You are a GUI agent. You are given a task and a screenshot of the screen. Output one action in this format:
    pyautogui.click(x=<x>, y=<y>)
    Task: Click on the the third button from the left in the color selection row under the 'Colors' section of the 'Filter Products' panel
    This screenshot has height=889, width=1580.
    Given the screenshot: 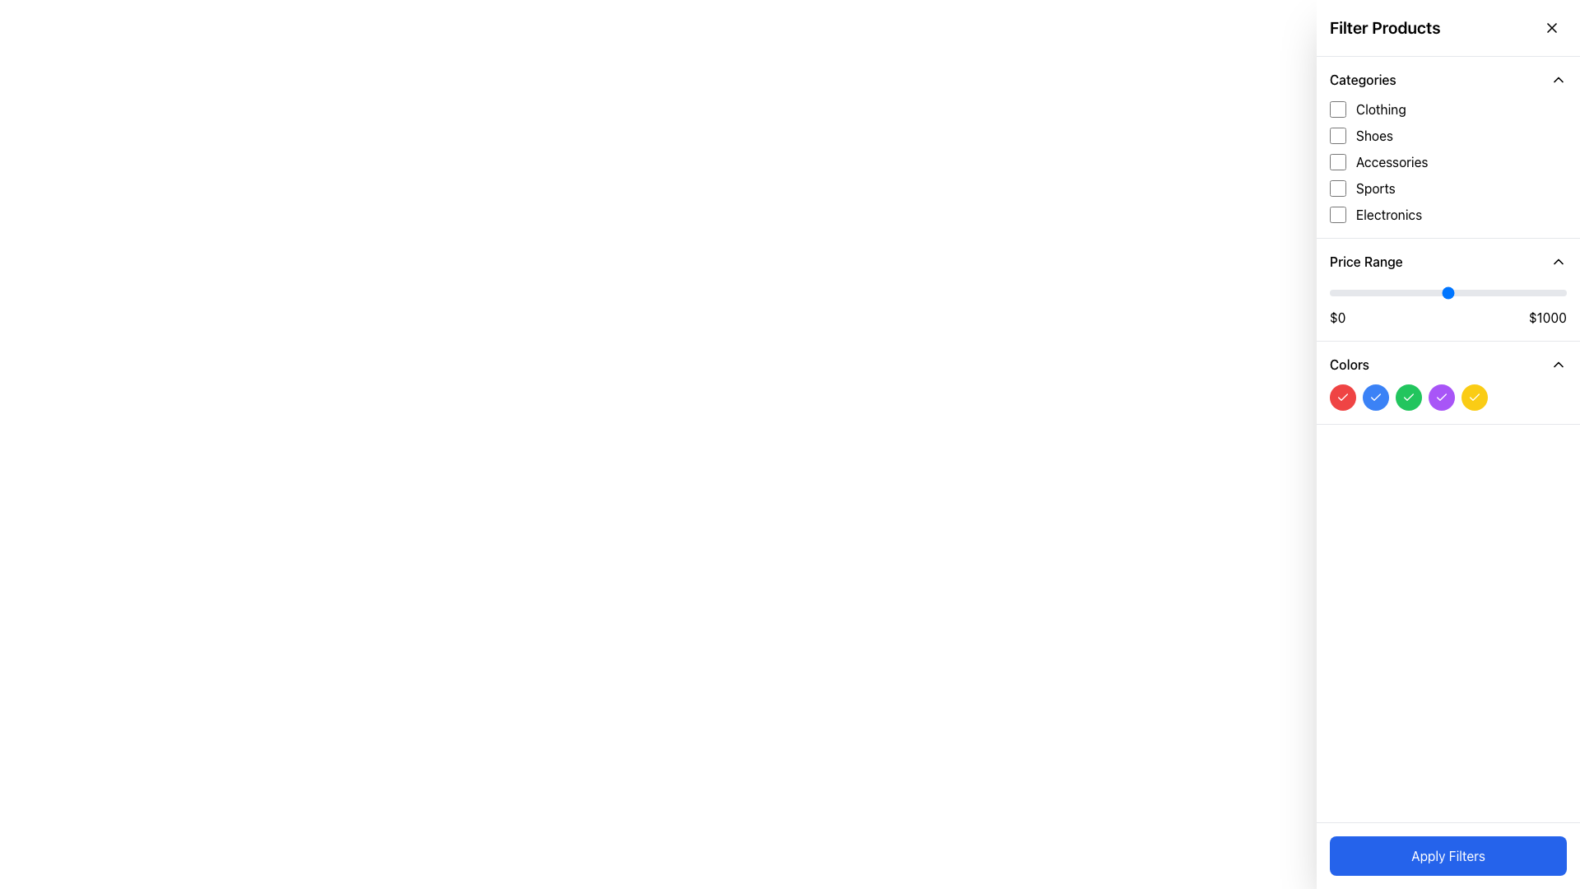 What is the action you would take?
    pyautogui.click(x=1408, y=397)
    